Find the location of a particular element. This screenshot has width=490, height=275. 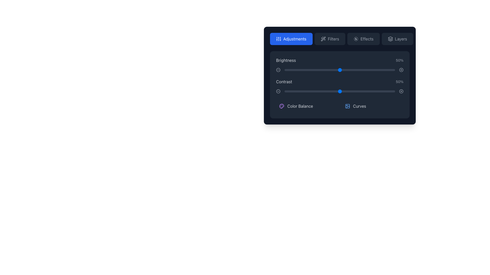

the value displayed in the text label showing '50%' located to the right of the 'Contrast' slider is located at coordinates (399, 81).